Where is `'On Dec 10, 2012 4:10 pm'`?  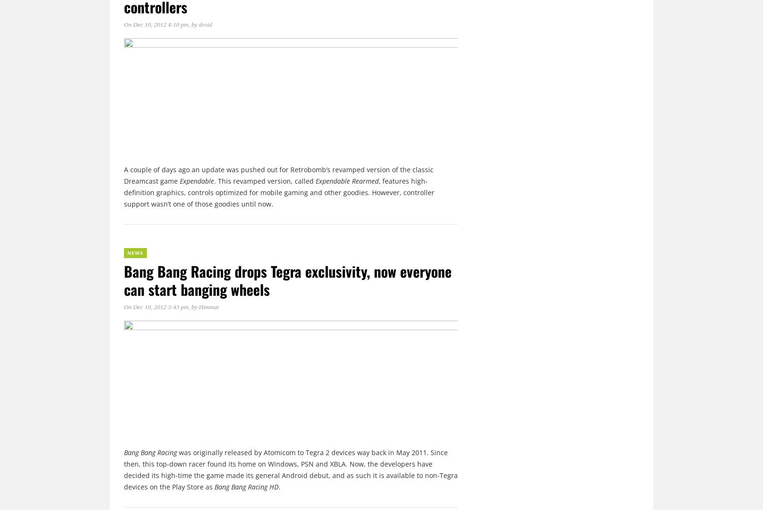
'On Dec 10, 2012 4:10 pm' is located at coordinates (156, 24).